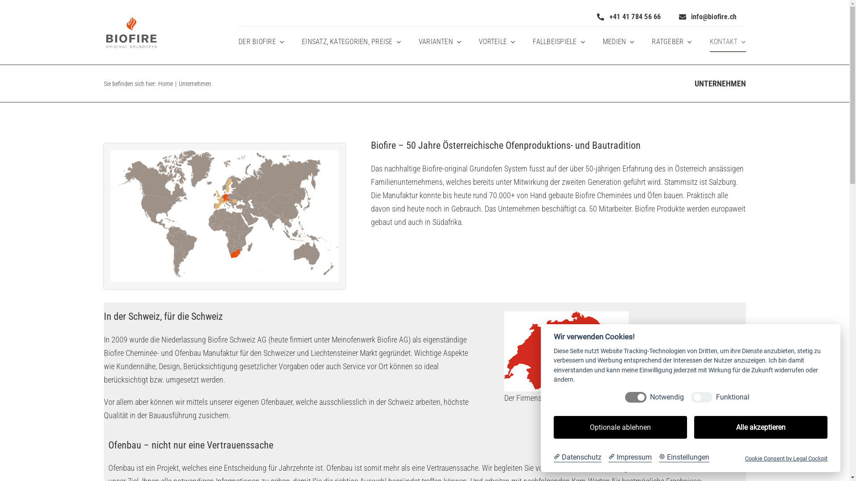  What do you see at coordinates (158, 84) in the screenshot?
I see `'Home'` at bounding box center [158, 84].